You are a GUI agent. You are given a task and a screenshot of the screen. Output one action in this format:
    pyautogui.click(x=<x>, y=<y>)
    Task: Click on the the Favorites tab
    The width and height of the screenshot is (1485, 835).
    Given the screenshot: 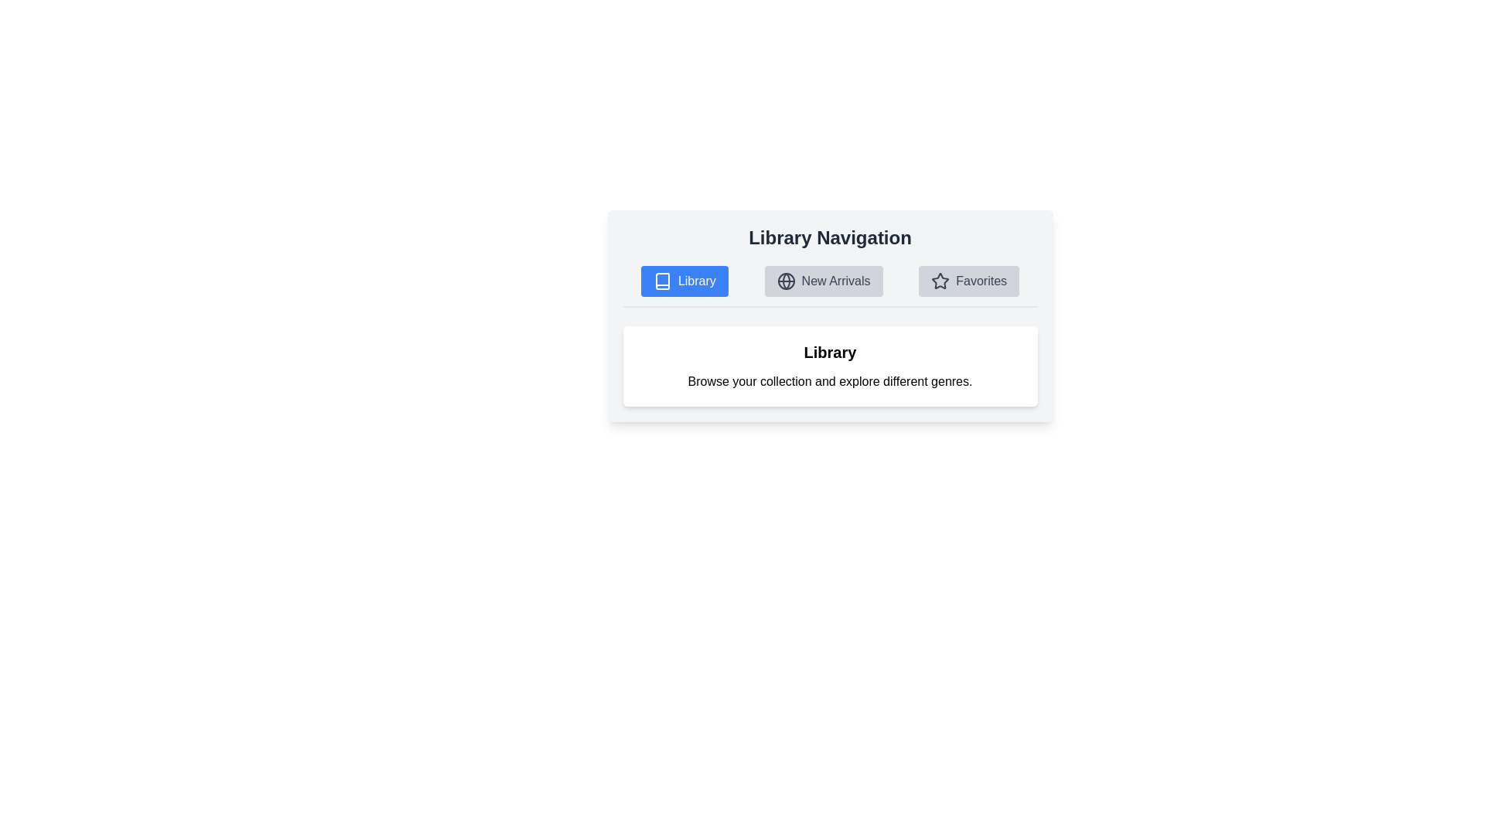 What is the action you would take?
    pyautogui.click(x=968, y=281)
    